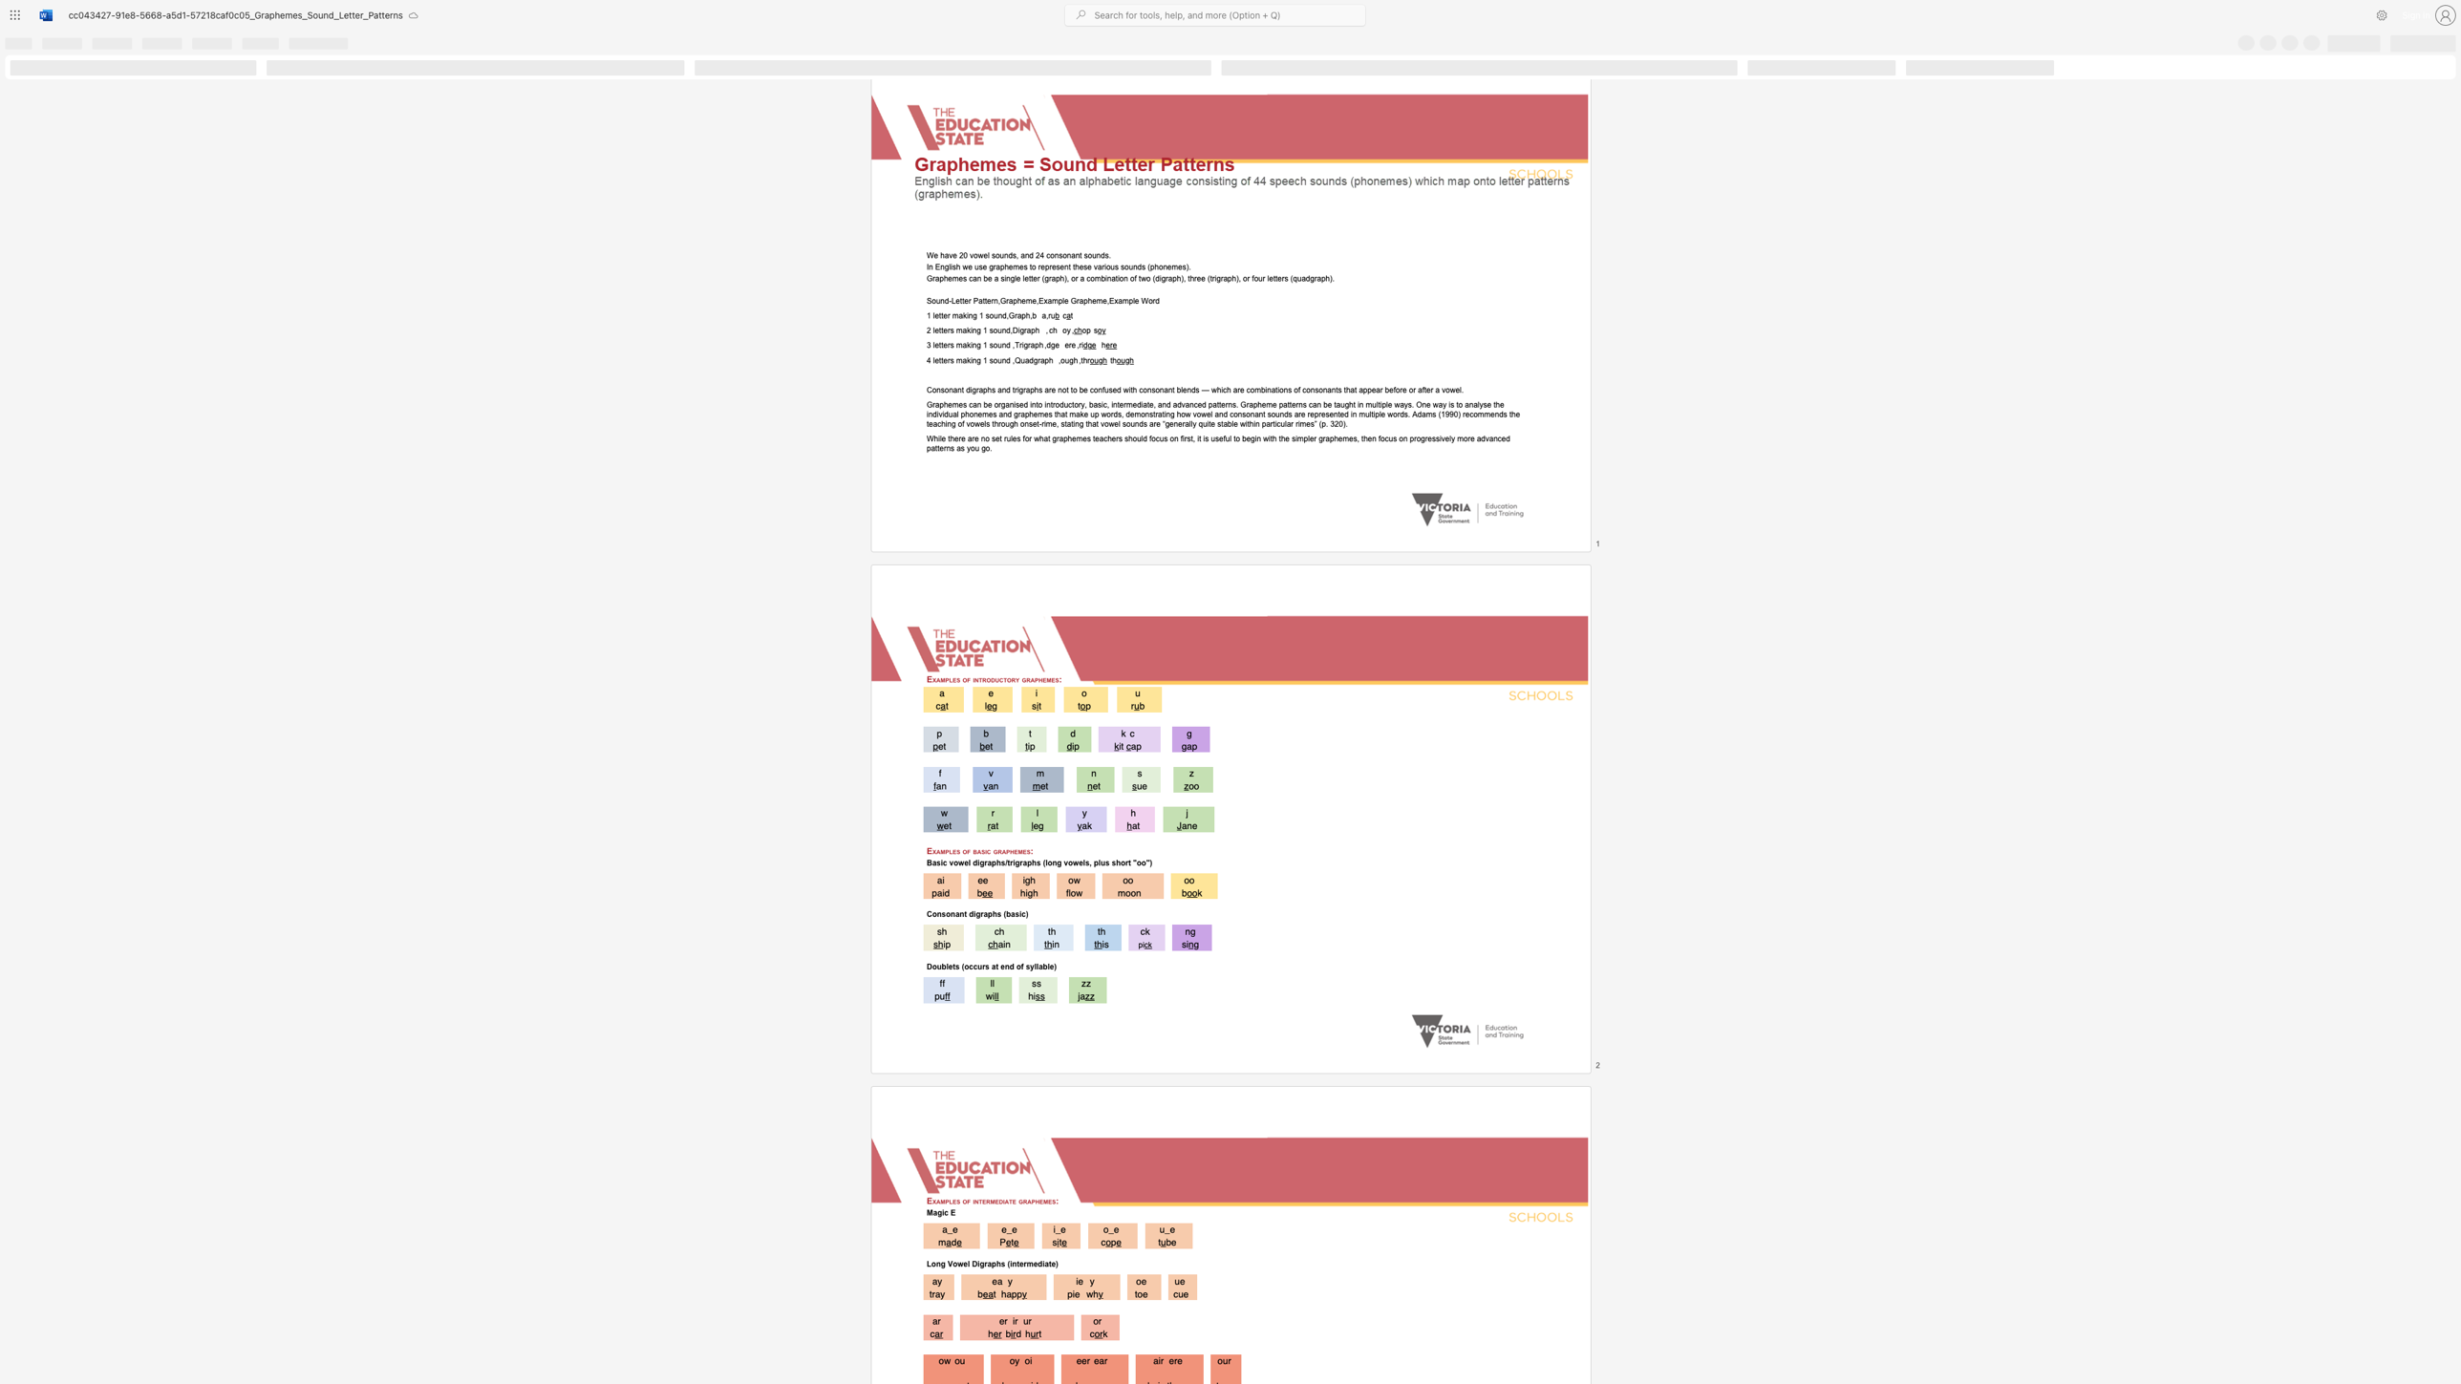  What do you see at coordinates (1189, 277) in the screenshot?
I see `the space between the continuous character "t" and "h" in the text` at bounding box center [1189, 277].